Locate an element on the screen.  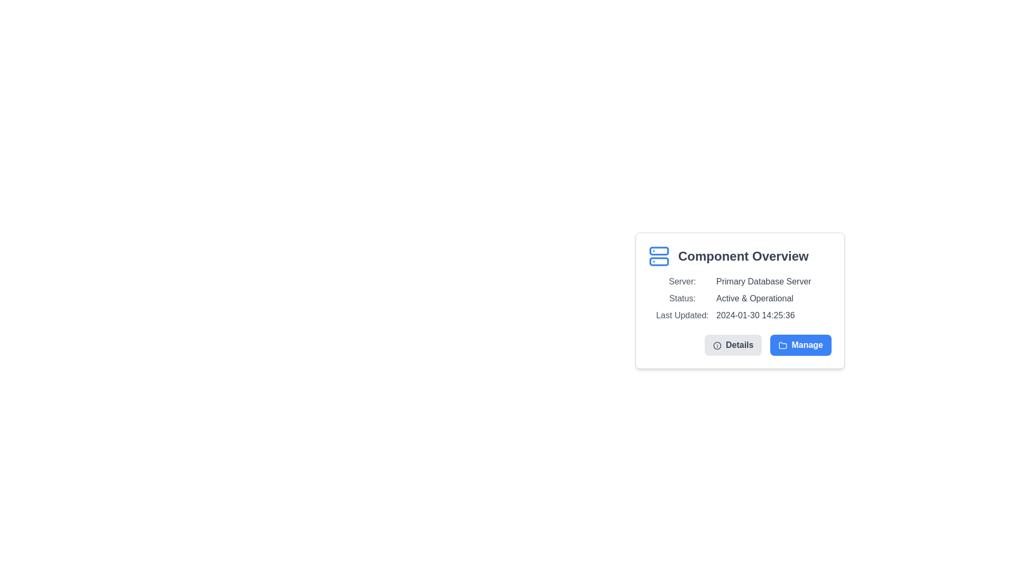
the management button located in the bottom-right area of the Component Overview, which is the second button from the left, immediately to the right of the 'Details' button is located at coordinates (801, 345).